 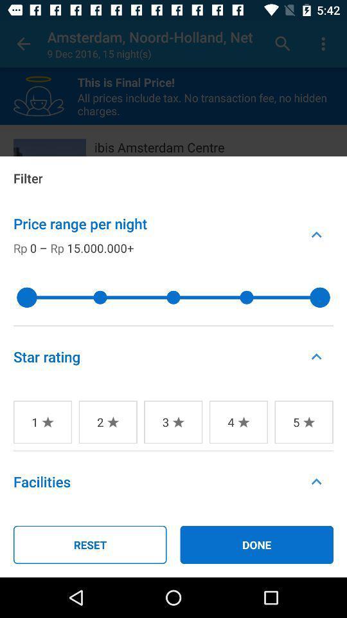 What do you see at coordinates (89, 544) in the screenshot?
I see `icon to the left of the done icon` at bounding box center [89, 544].